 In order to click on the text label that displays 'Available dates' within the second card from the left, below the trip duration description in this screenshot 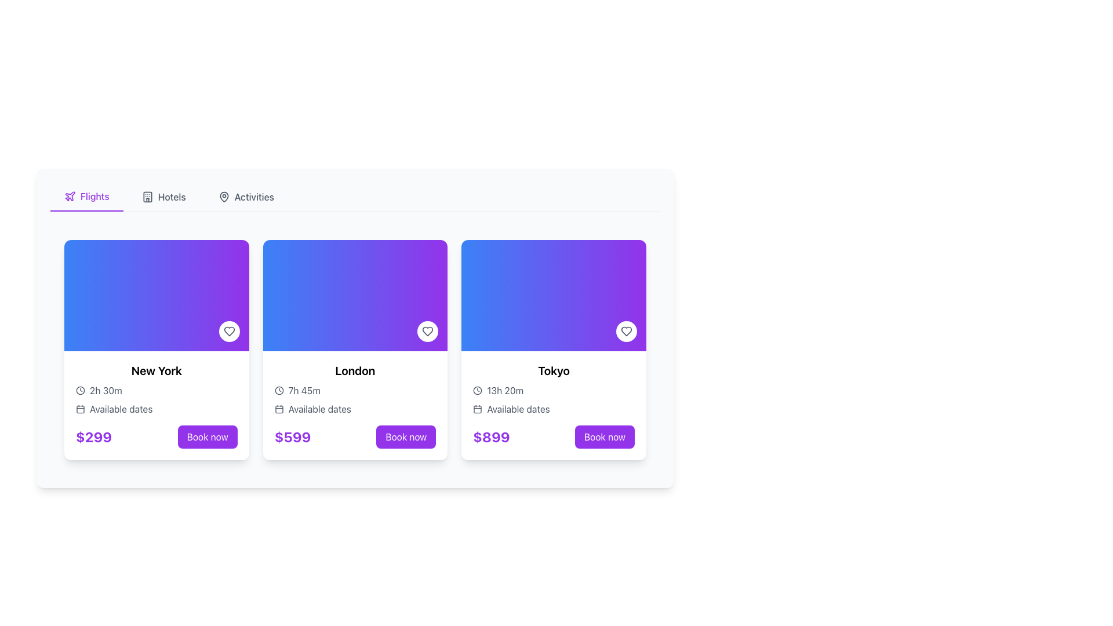, I will do `click(319, 408)`.